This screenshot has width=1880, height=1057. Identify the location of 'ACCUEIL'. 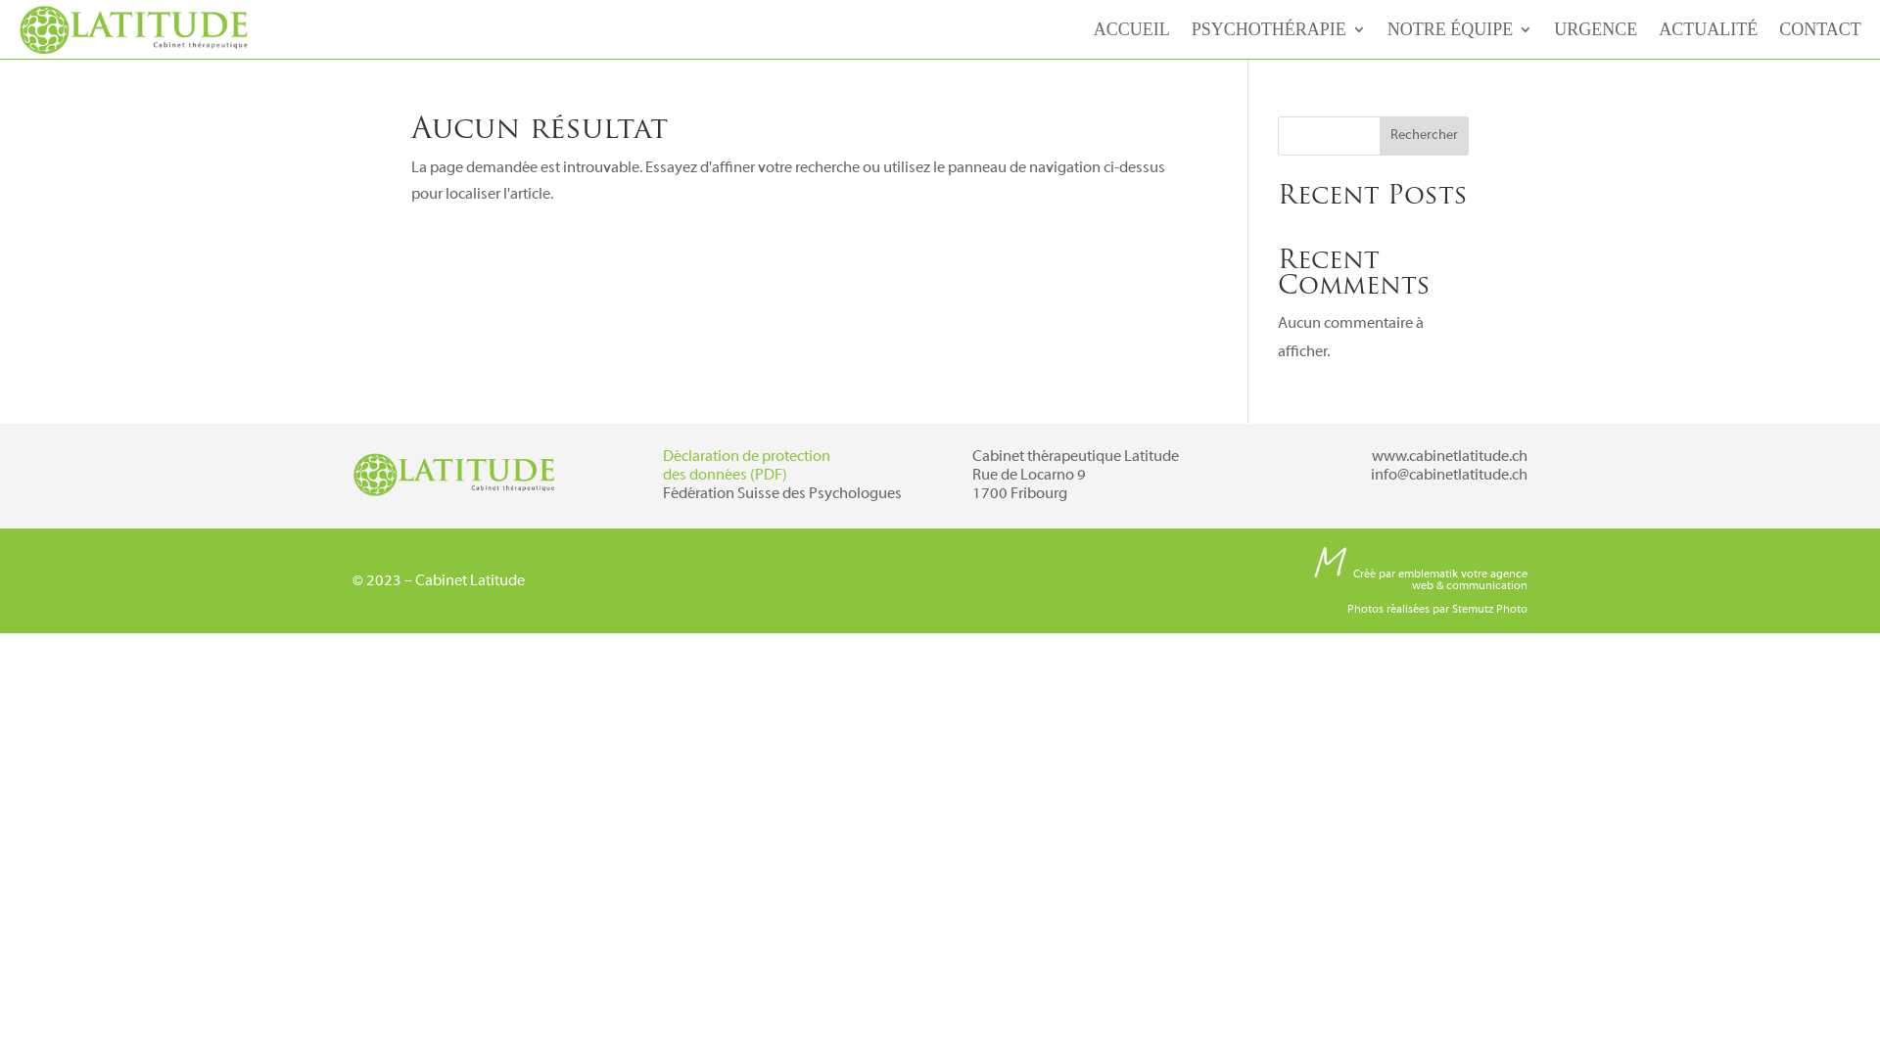
(1132, 33).